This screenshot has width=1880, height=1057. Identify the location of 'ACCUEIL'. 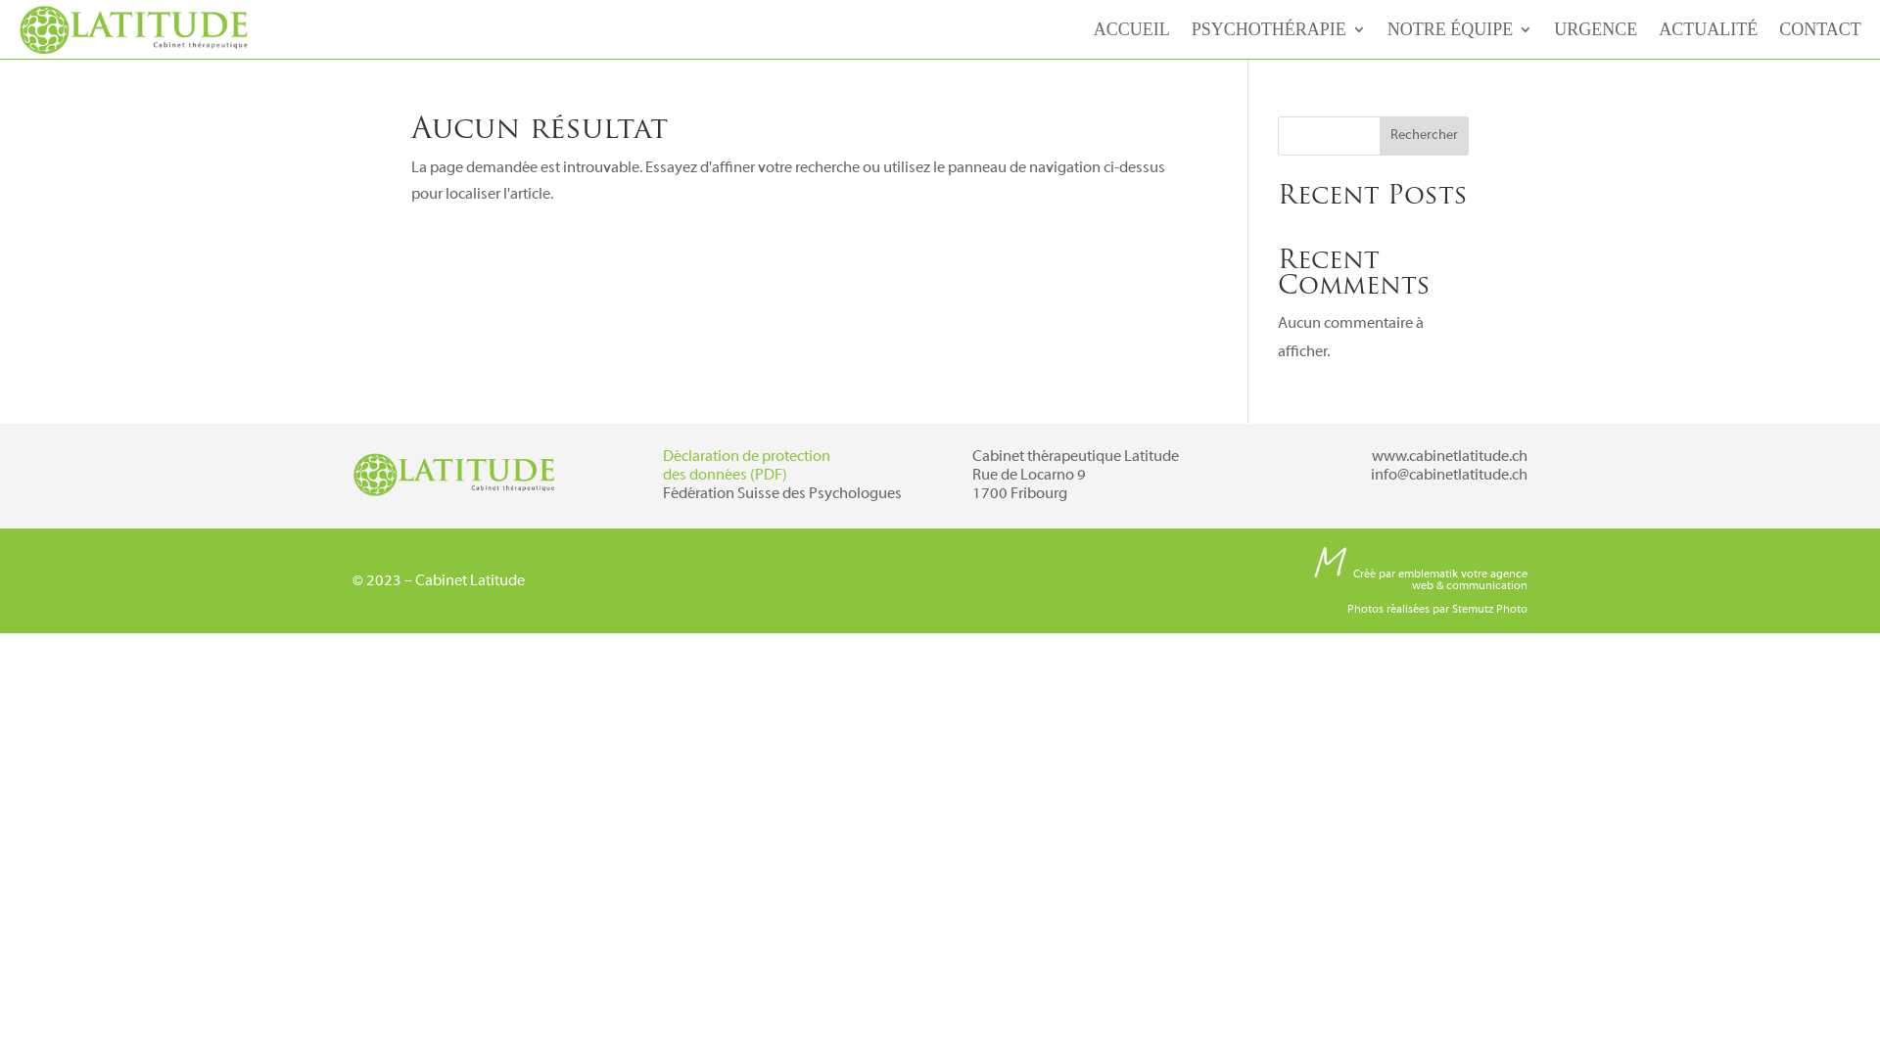
(1132, 33).